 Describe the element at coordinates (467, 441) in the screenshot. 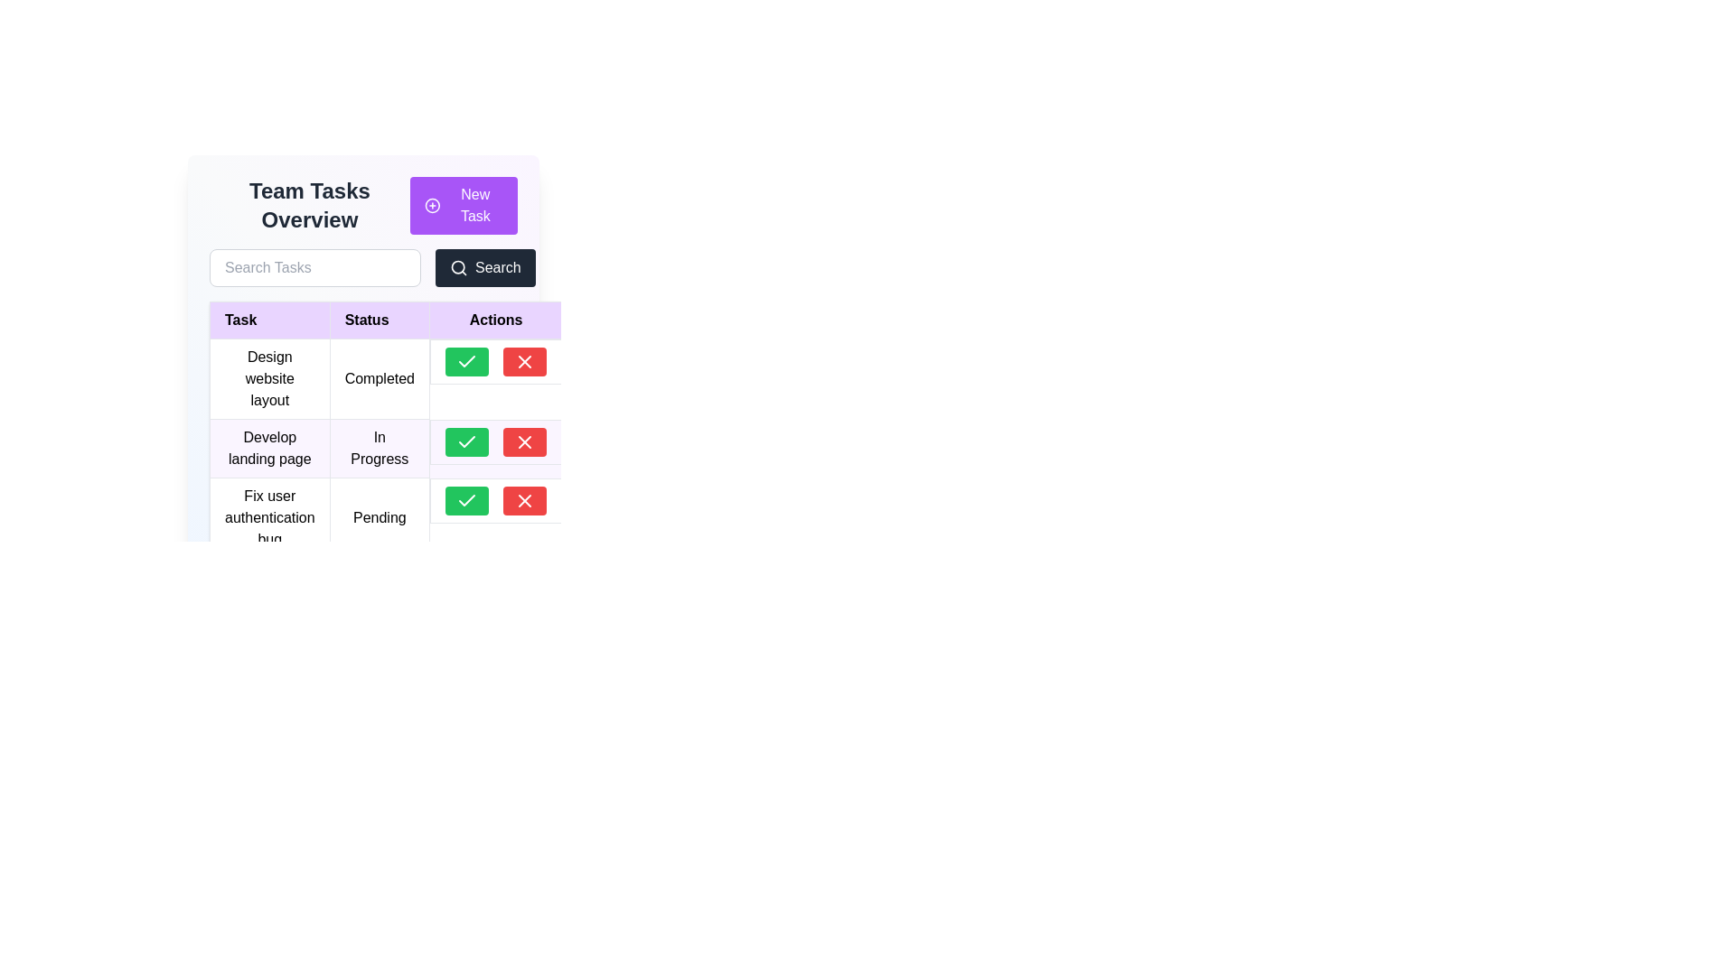

I see `the green rectangular button with a centered white checkmark icon to approve the task` at that location.